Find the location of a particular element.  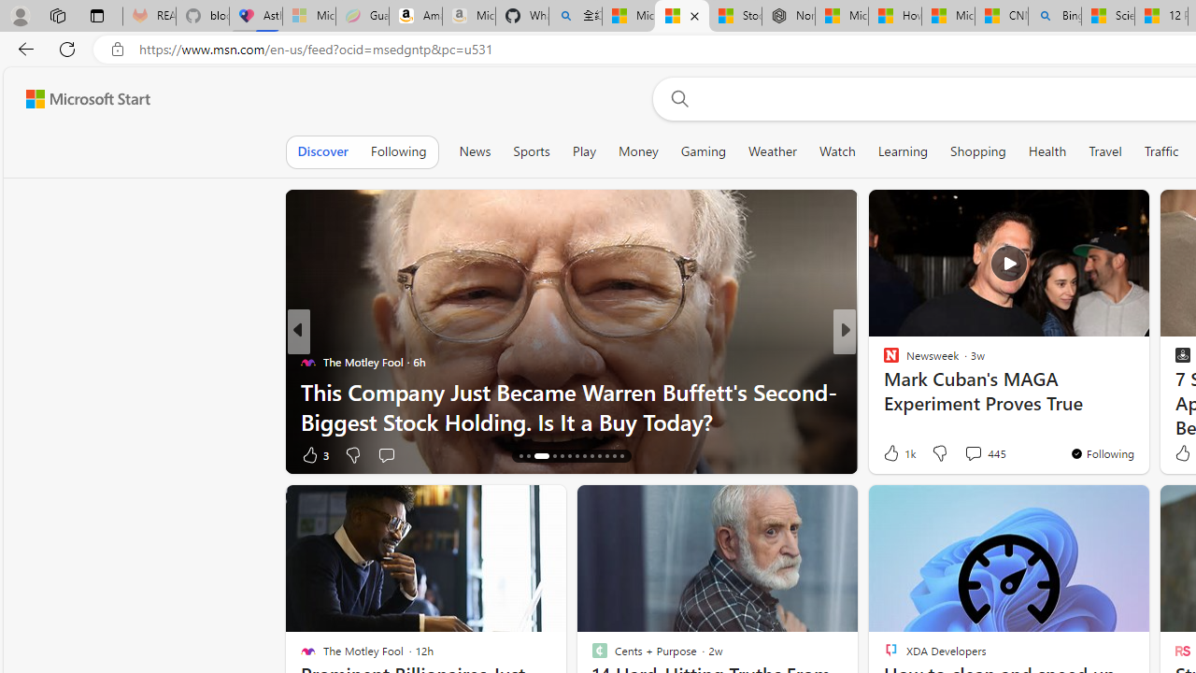

'121 Like' is located at coordinates (895, 454).